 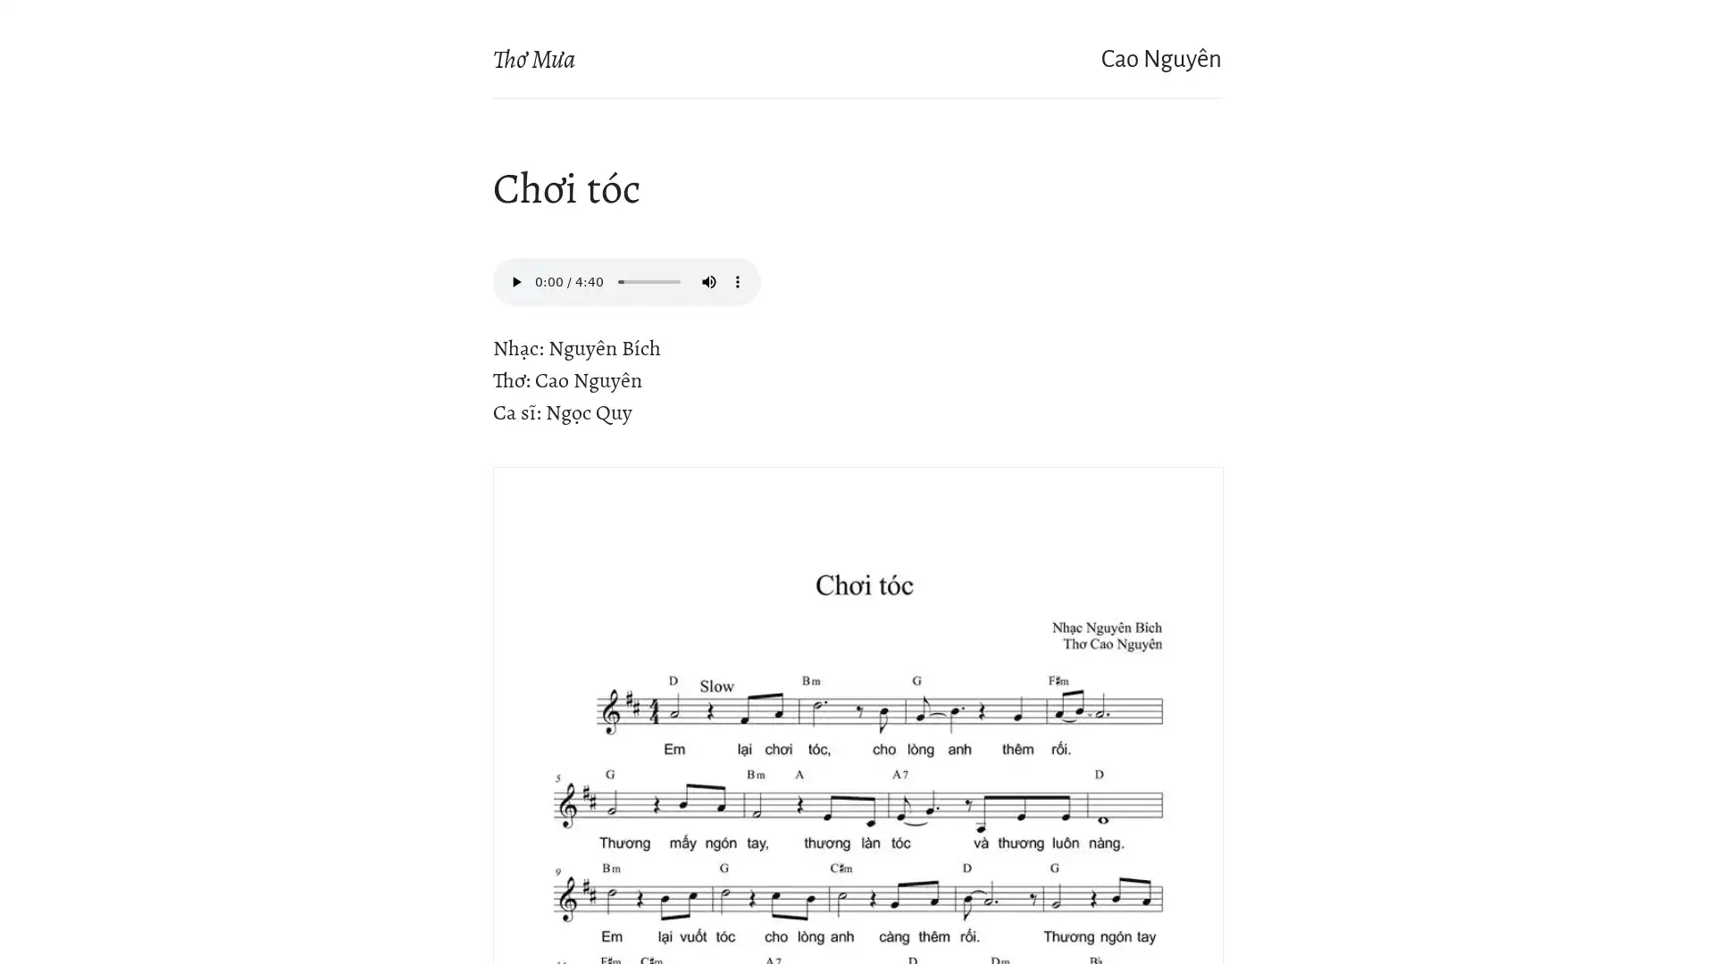 What do you see at coordinates (514, 281) in the screenshot?
I see `play` at bounding box center [514, 281].